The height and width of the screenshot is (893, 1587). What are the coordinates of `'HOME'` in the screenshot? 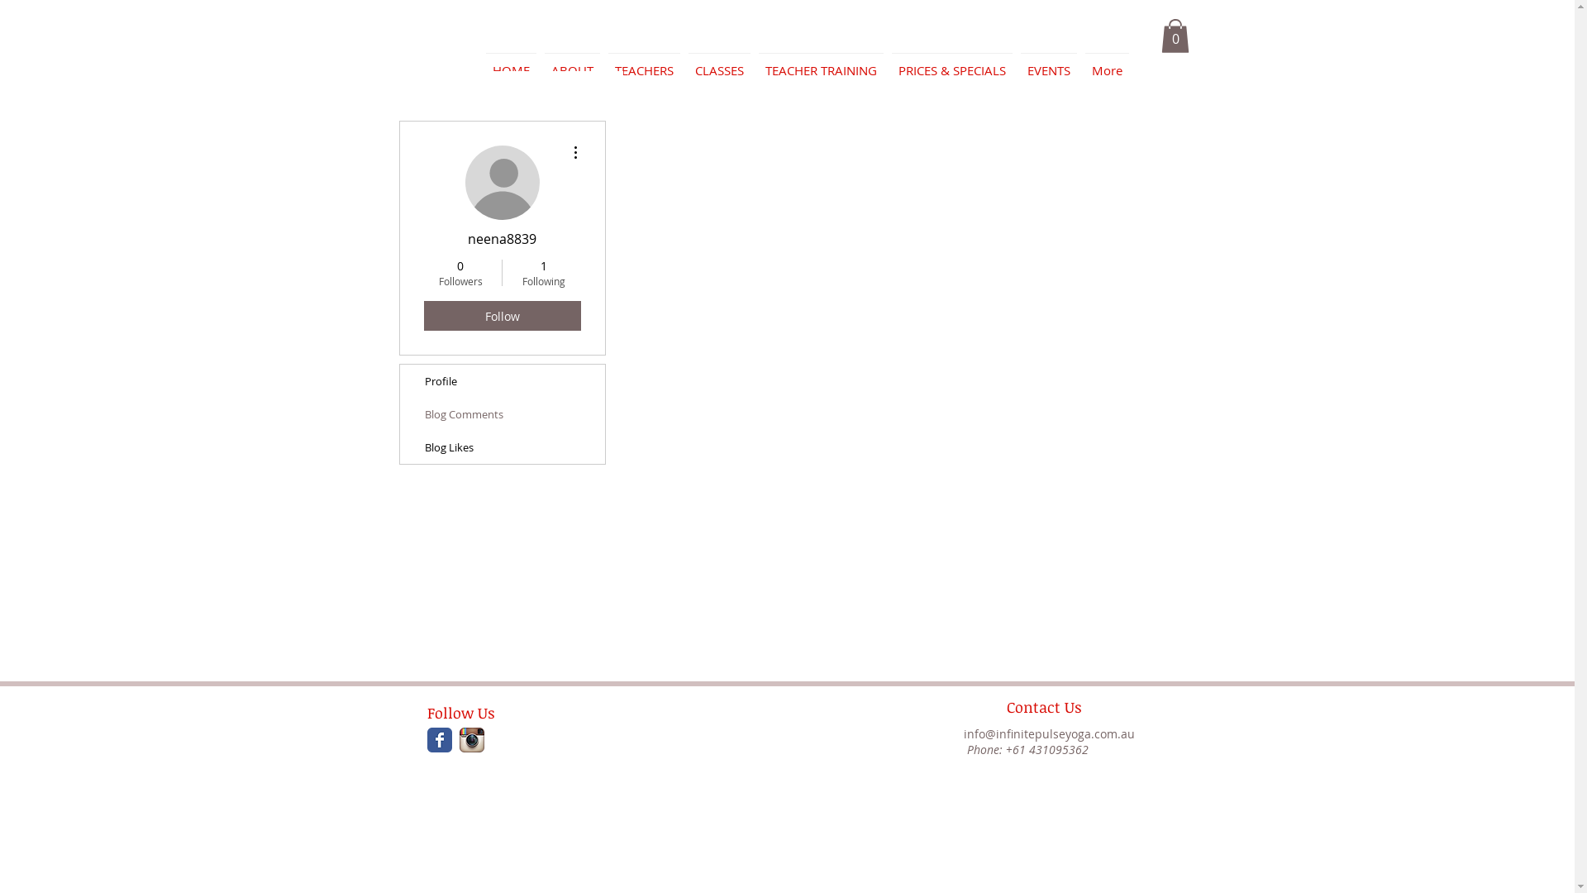 It's located at (479, 62).